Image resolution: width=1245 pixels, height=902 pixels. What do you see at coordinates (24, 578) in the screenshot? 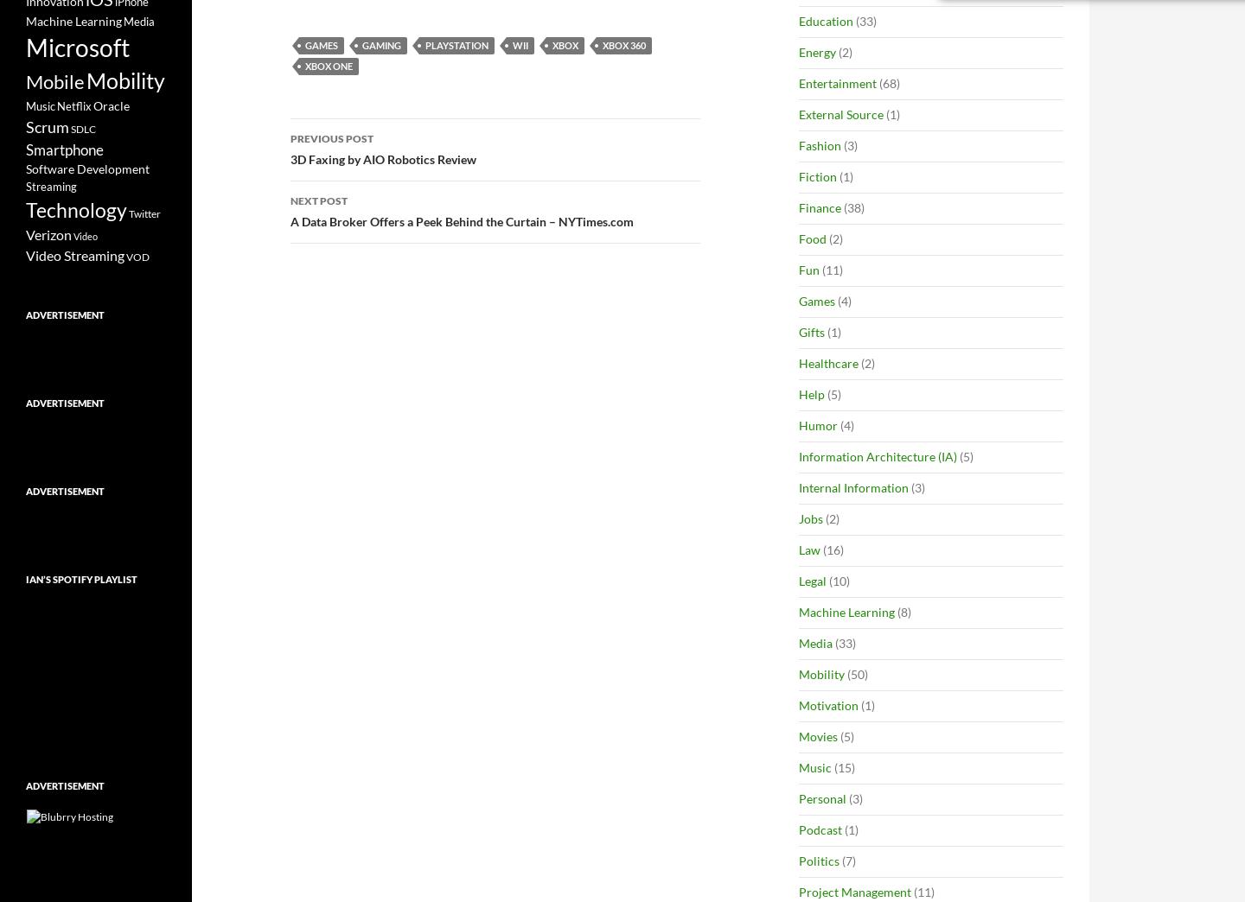
I see `'Ian’s Spotify Playlist'` at bounding box center [24, 578].